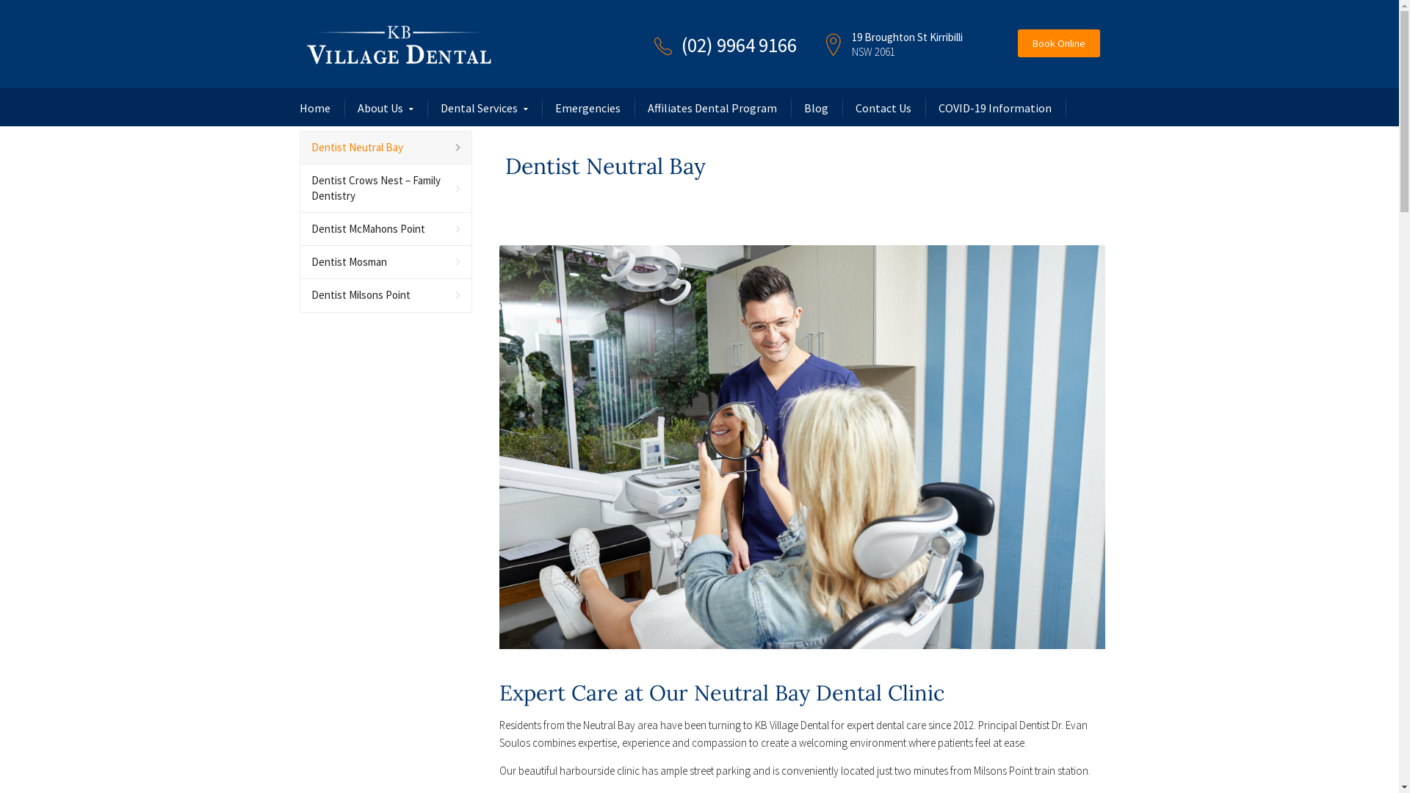 The image size is (1410, 793). I want to click on 'Dentist Neutral Bay', so click(386, 148).